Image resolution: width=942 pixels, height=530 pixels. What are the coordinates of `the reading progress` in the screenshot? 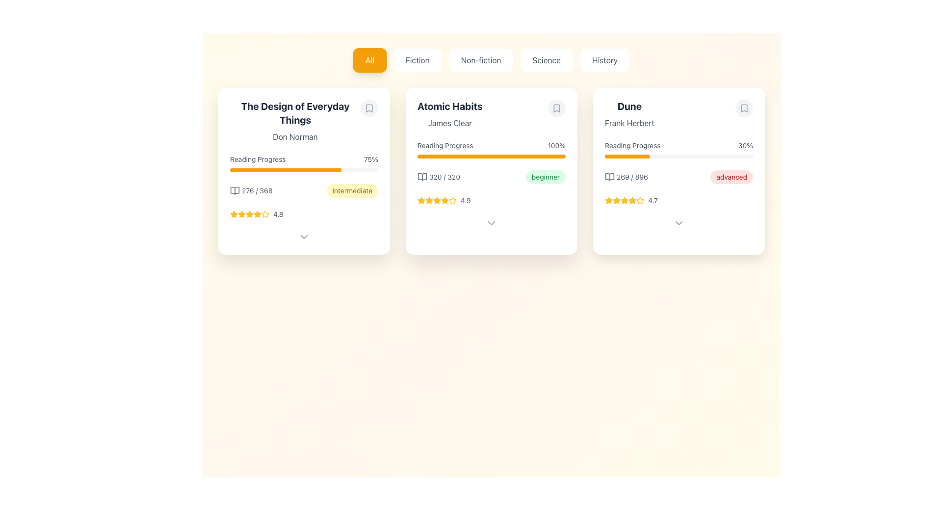 It's located at (635, 156).